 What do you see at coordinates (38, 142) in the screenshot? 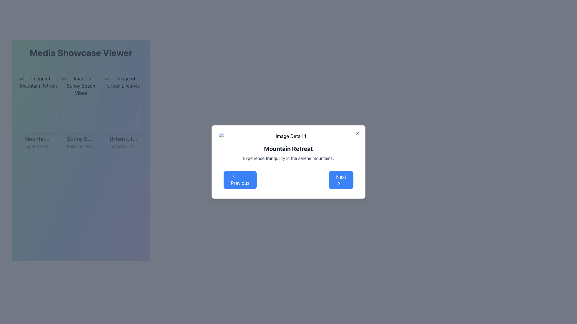
I see `the Text Field that presents the title and description for the 'Mountain Retreat' card, which is centrally aligned within the card layout below the related image` at bounding box center [38, 142].